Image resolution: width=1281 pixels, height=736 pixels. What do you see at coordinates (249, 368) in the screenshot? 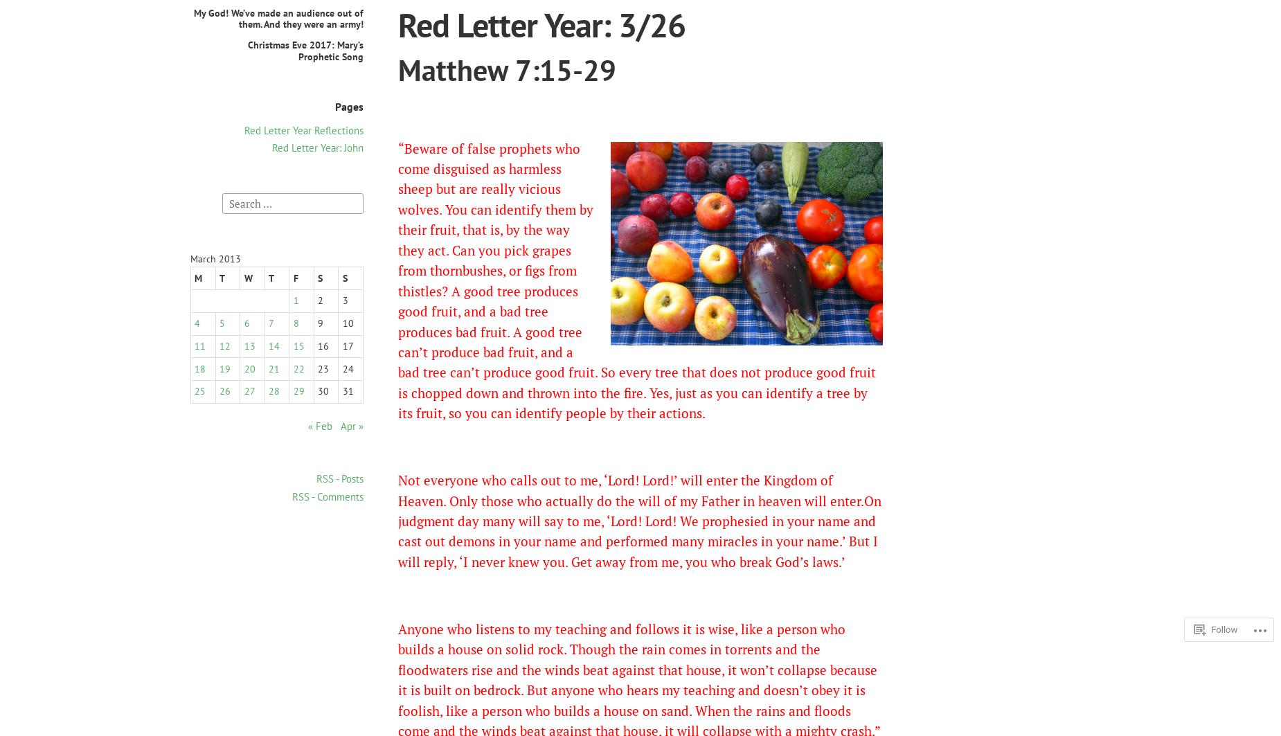
I see `'20'` at bounding box center [249, 368].